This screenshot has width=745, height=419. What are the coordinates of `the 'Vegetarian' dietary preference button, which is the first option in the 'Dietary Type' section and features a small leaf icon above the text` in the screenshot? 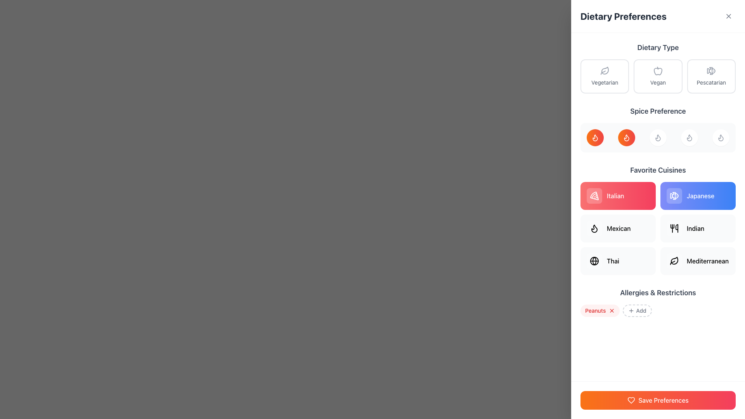 It's located at (604, 76).